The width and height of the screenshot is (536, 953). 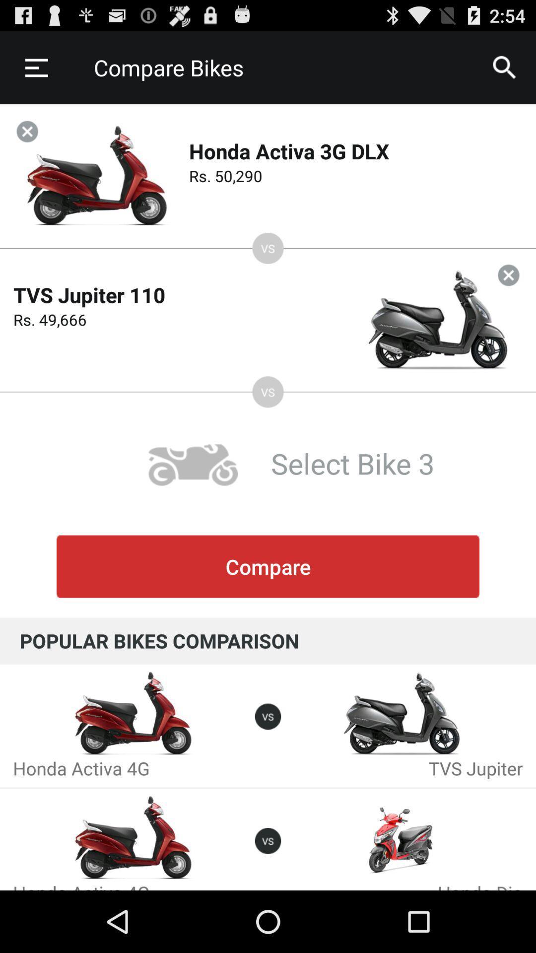 What do you see at coordinates (36, 67) in the screenshot?
I see `icon next to compare bikes item` at bounding box center [36, 67].